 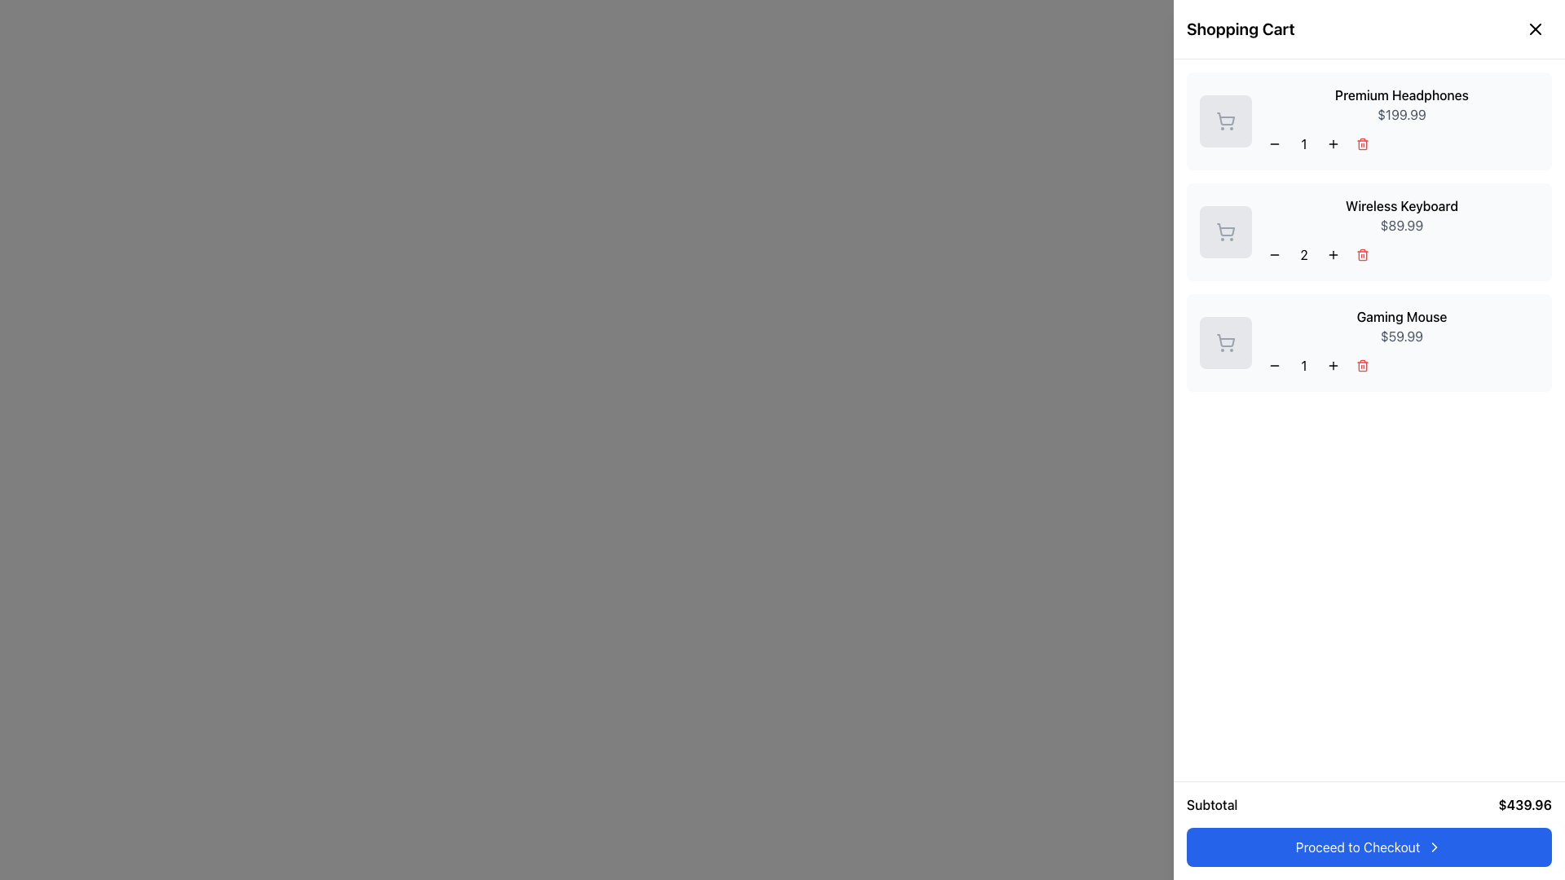 I want to click on the minus (-) icon button with a thin stroke style located to the left of the quantity indicator under 'Premium Headphones', so click(x=1274, y=143).